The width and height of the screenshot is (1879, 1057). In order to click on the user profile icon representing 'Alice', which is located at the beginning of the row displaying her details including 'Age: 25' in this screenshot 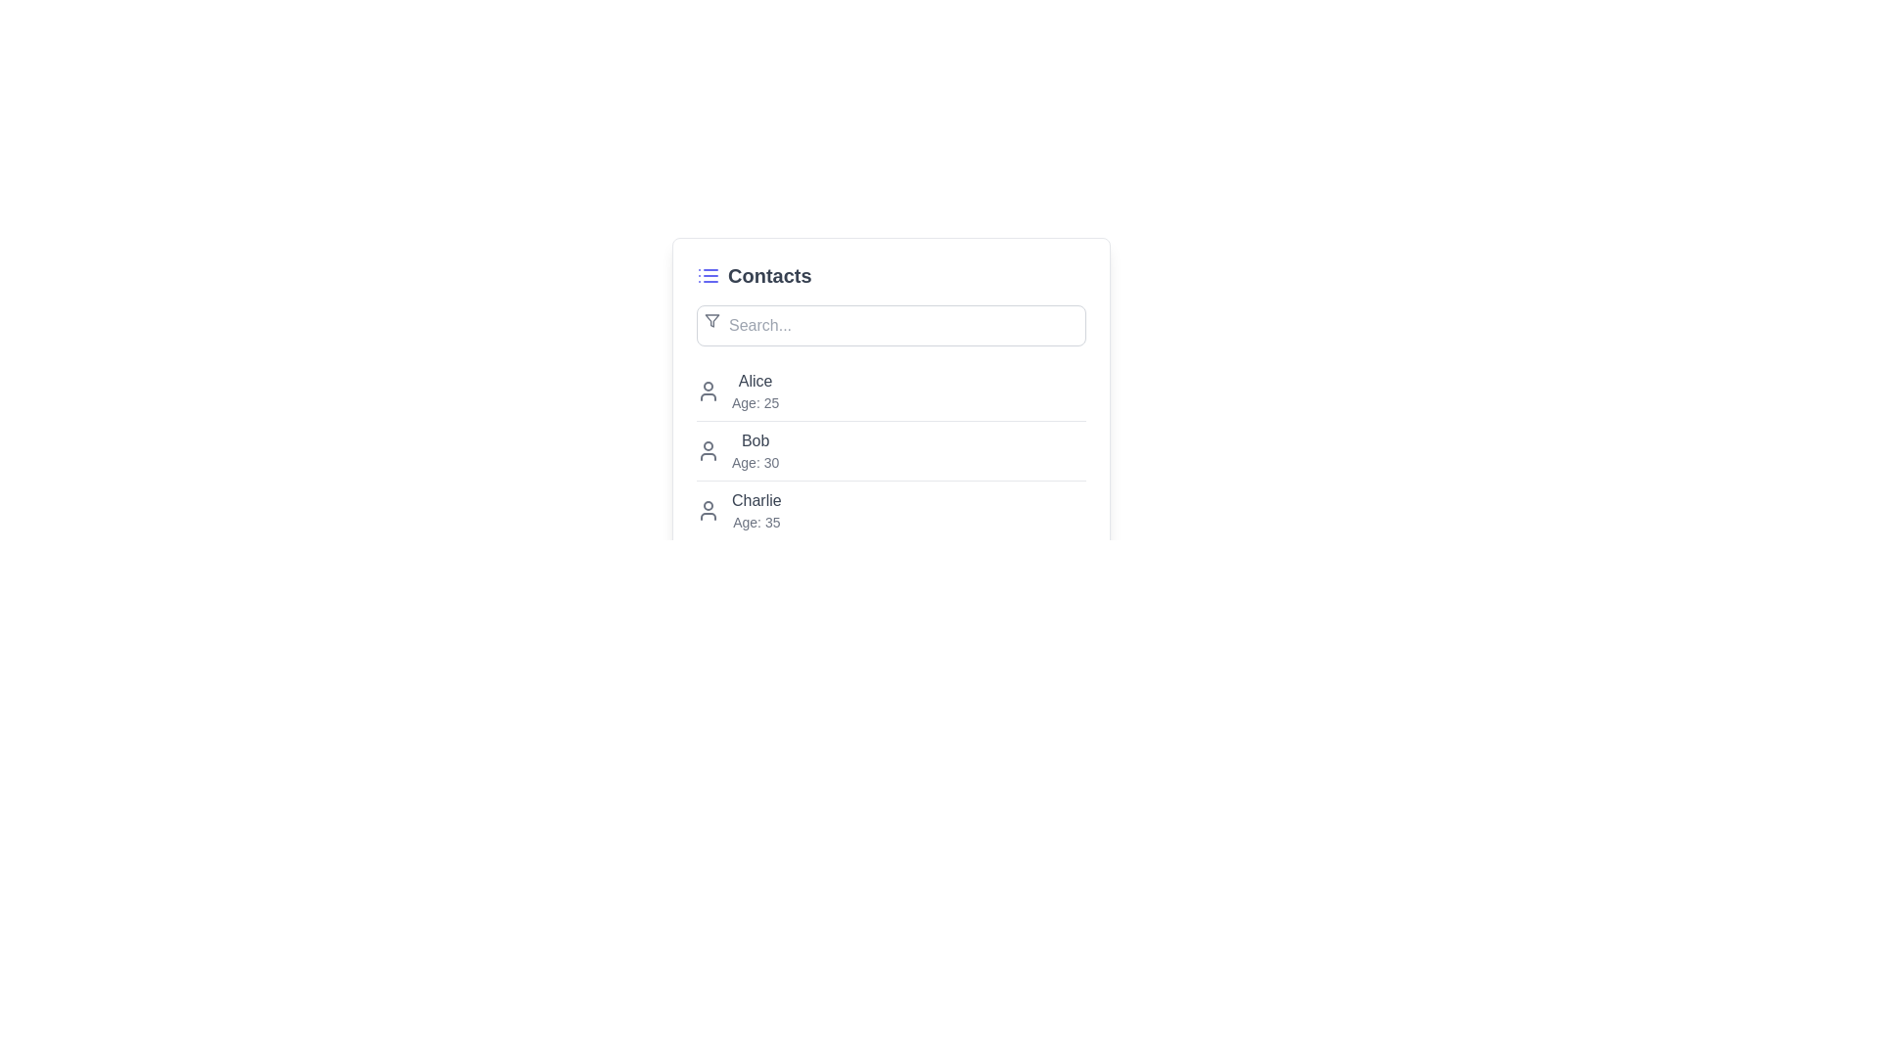, I will do `click(708, 391)`.